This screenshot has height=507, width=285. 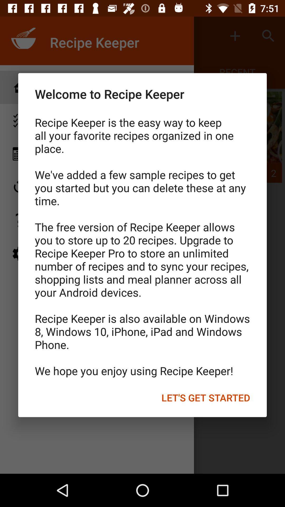 I want to click on the item at the bottom right corner, so click(x=205, y=398).